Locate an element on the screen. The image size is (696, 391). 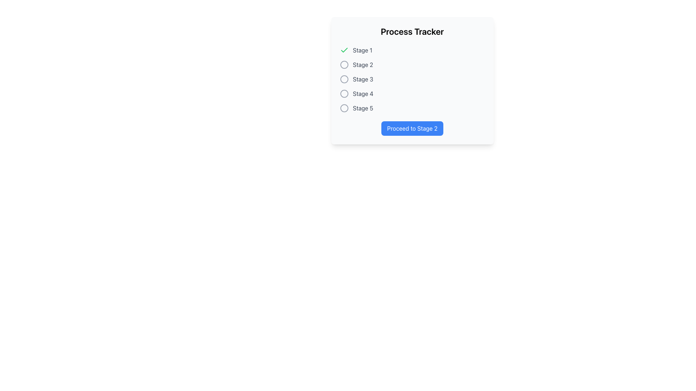
the unselected radio button circle representing 'Stage 2' in the 'Process Tracker' section is located at coordinates (344, 64).